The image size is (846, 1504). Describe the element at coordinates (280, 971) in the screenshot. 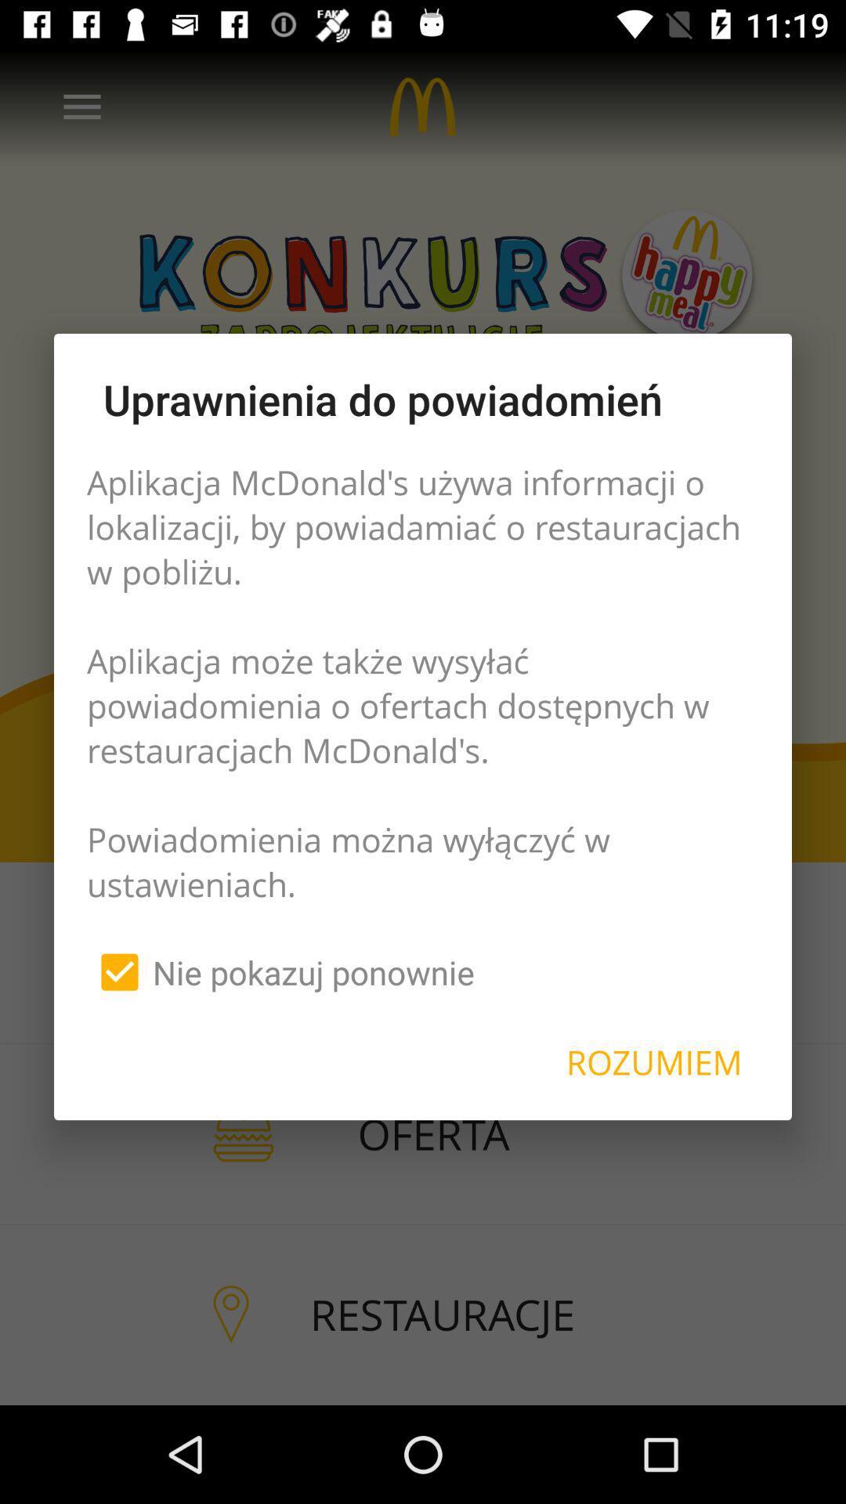

I see `item on the left` at that location.